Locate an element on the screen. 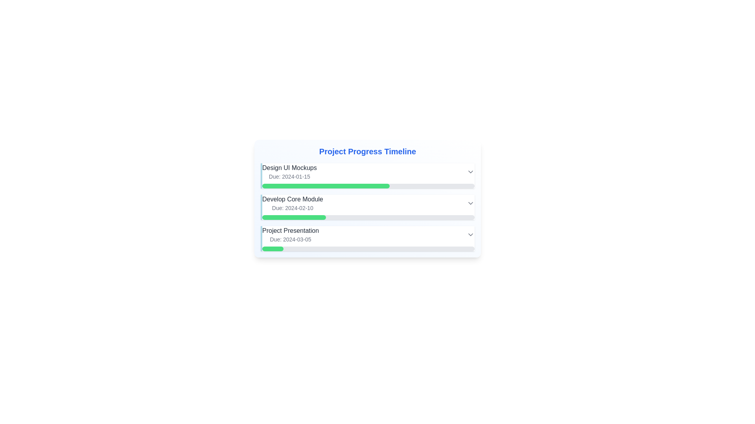  the progress bar indicating the completion status of the 'Project Presentation' task, located at the bottom of the section under 'Due: 2024-03-05' is located at coordinates (368, 249).